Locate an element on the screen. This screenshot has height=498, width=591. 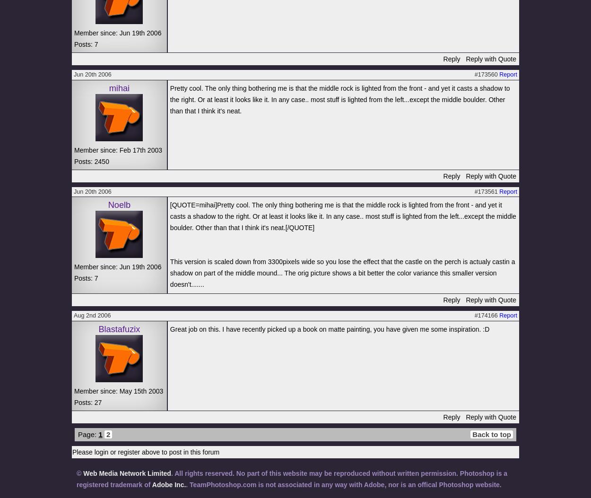
'Blastafuzix' is located at coordinates (98, 328).